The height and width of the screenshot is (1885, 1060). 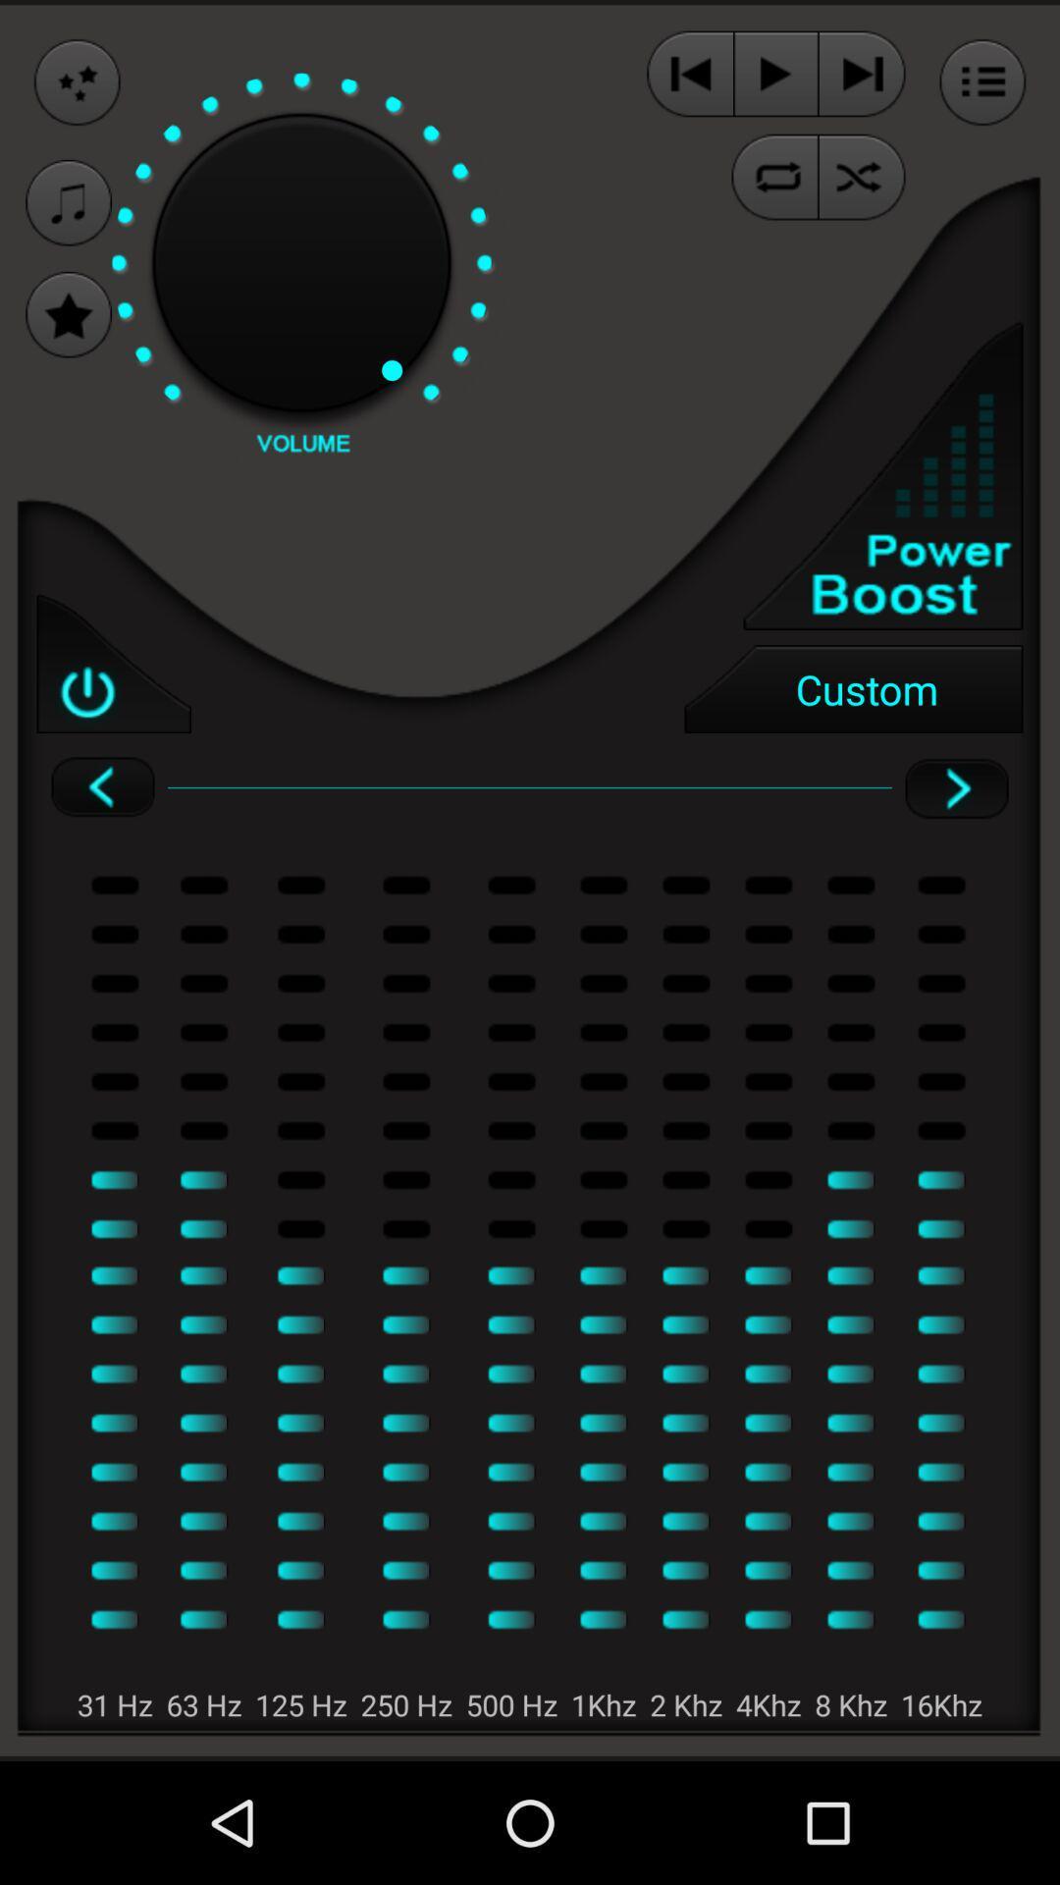 I want to click on the star icon, so click(x=68, y=337).